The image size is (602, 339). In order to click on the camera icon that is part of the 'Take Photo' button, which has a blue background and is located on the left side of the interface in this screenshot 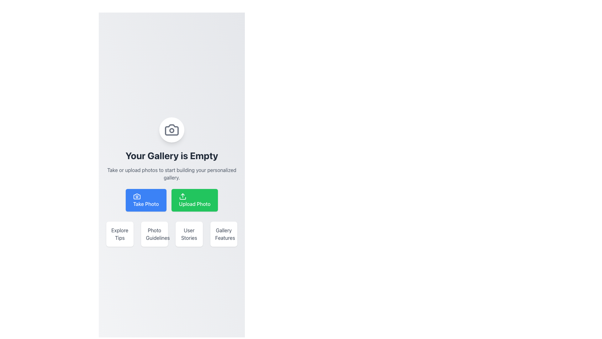, I will do `click(136, 196)`.